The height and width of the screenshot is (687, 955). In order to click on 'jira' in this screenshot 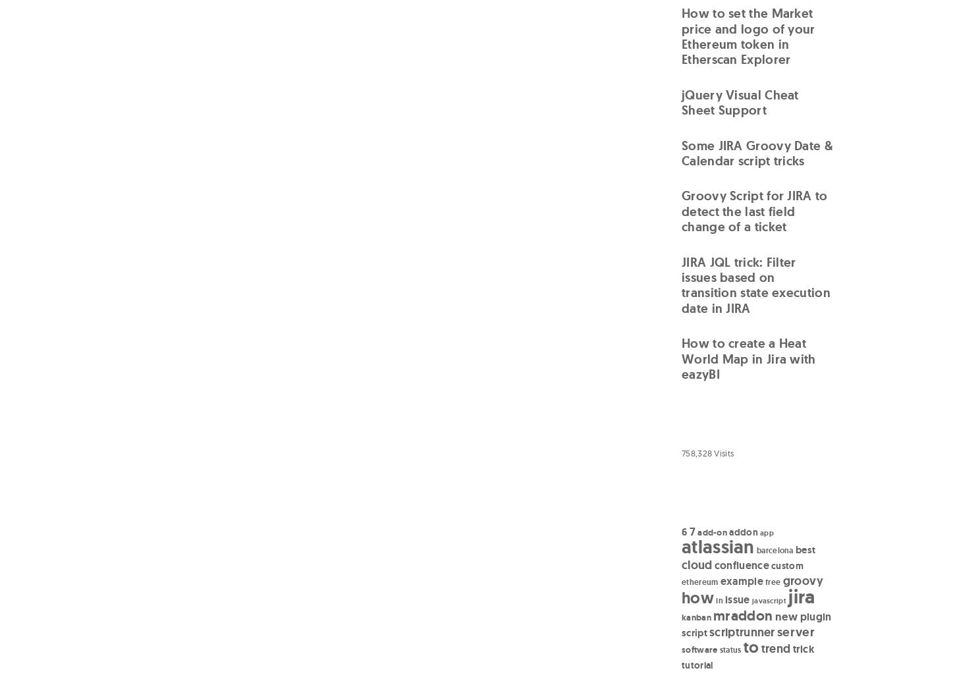, I will do `click(801, 595)`.